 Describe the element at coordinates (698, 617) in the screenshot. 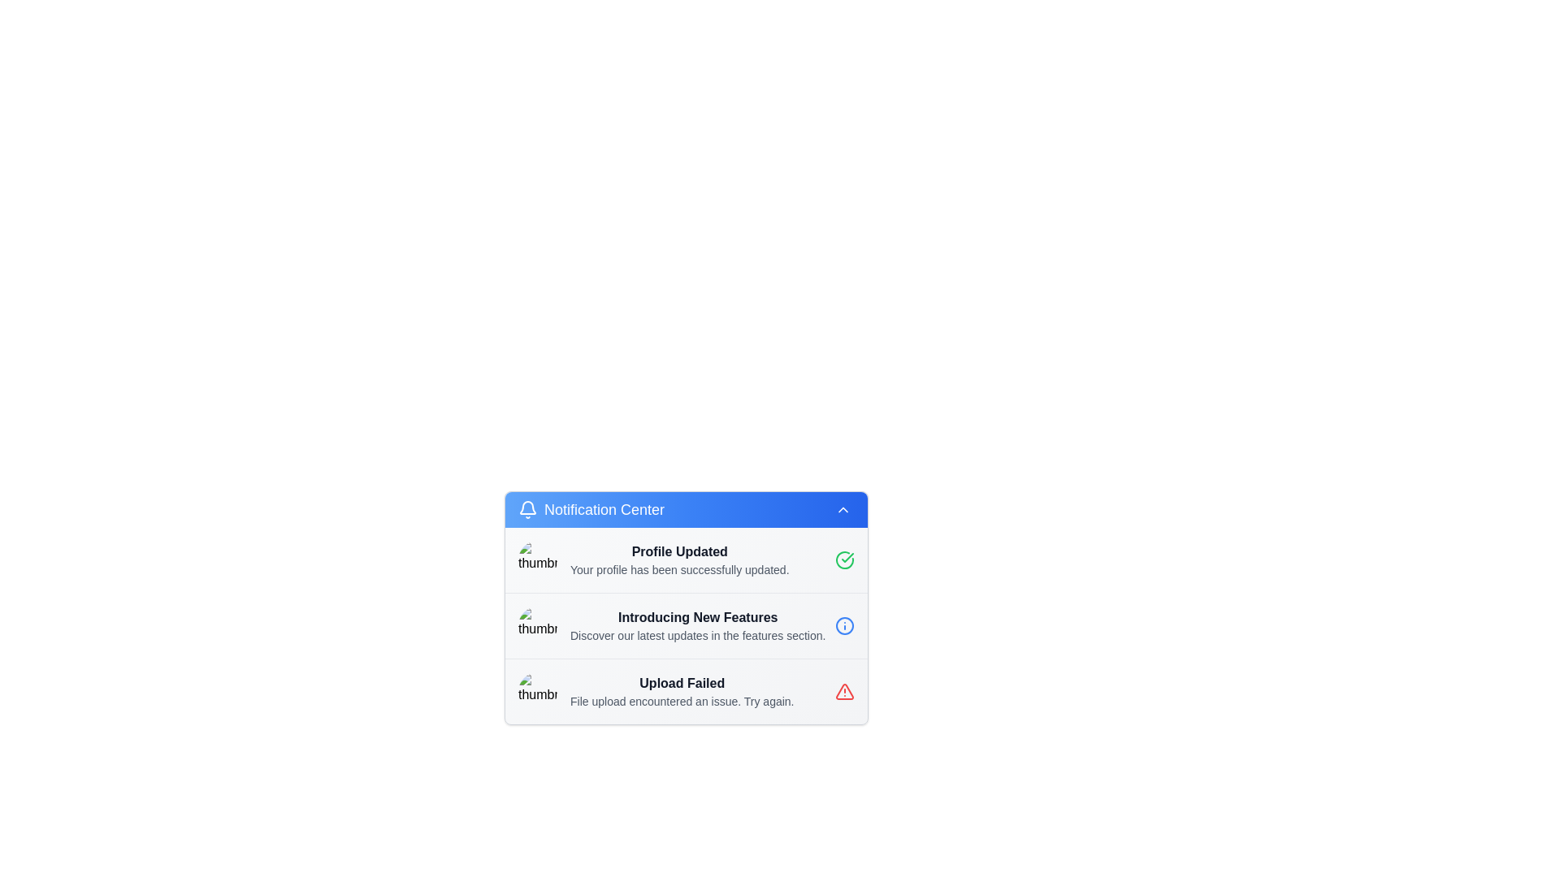

I see `the bold text snippet labeled 'Introducing New Features' in the second notification card` at that location.